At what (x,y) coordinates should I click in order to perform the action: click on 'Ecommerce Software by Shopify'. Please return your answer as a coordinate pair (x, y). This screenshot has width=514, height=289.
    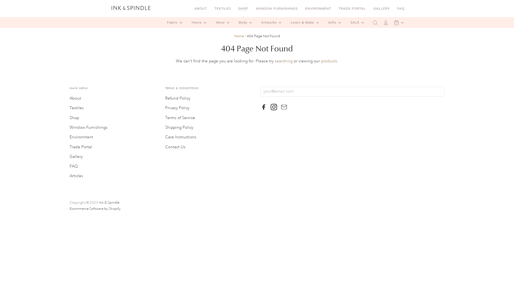
    Looking at the image, I should click on (95, 208).